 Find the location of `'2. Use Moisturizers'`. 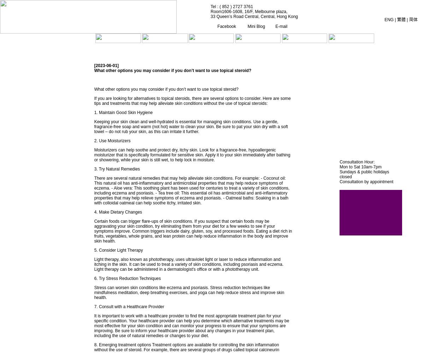

'2. Use Moisturizers' is located at coordinates (94, 141).